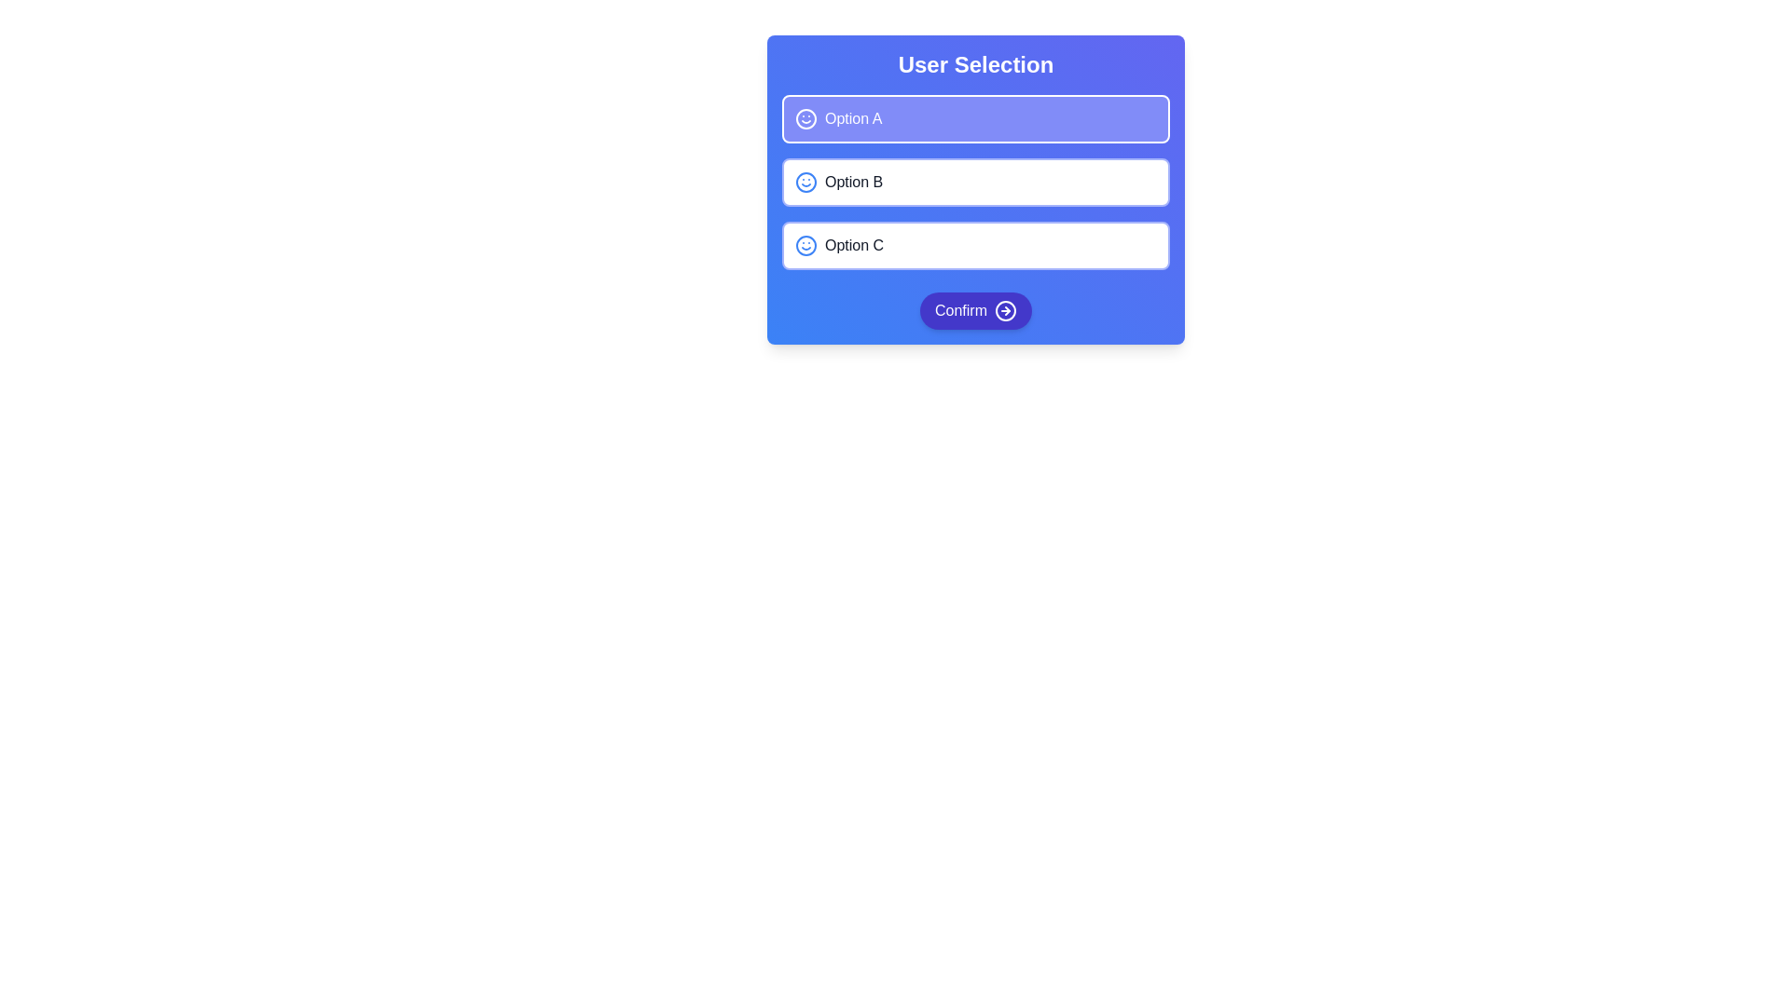  I want to click on the first Button-like list item, so click(974, 118).